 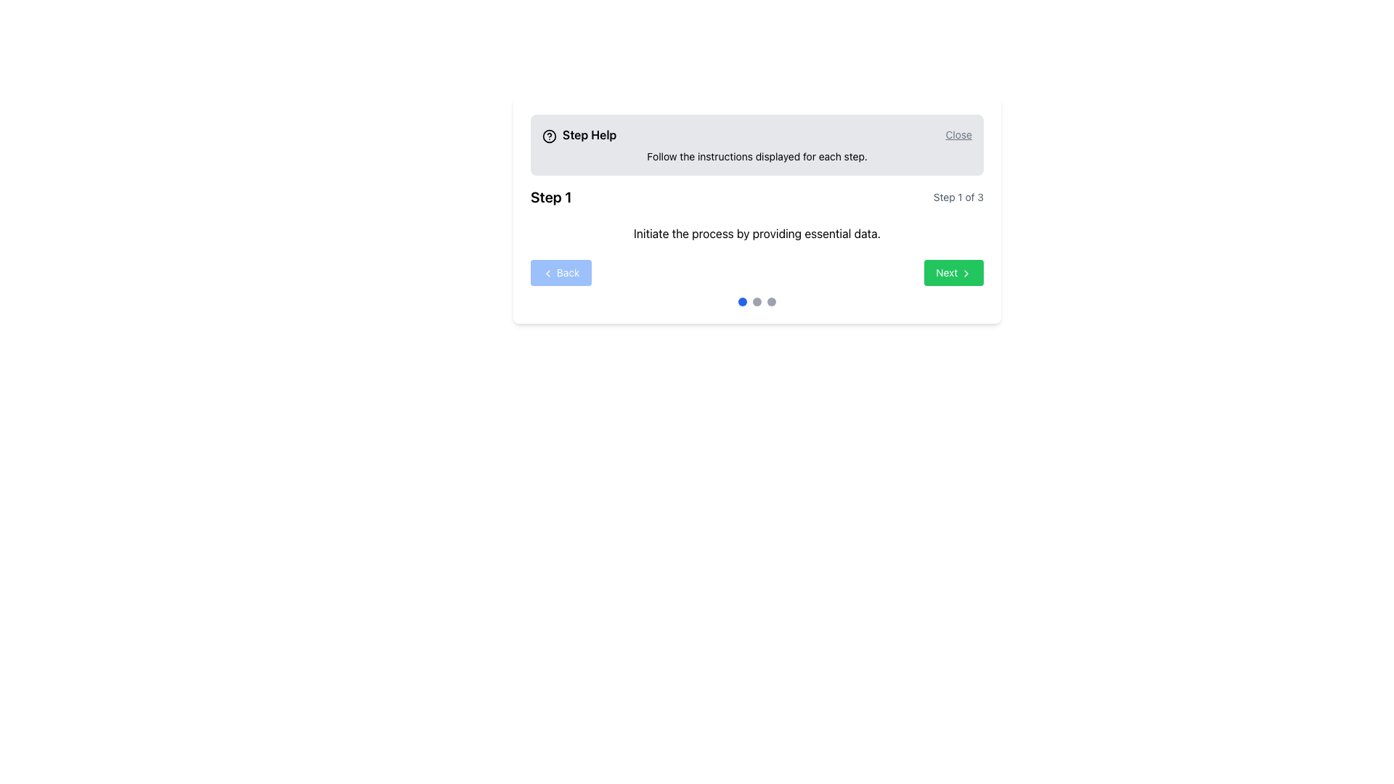 What do you see at coordinates (550, 197) in the screenshot?
I see `the Text Label that displays the title of the current step in a multi-step process, positioned at the left side of the segment and above the instruction text` at bounding box center [550, 197].